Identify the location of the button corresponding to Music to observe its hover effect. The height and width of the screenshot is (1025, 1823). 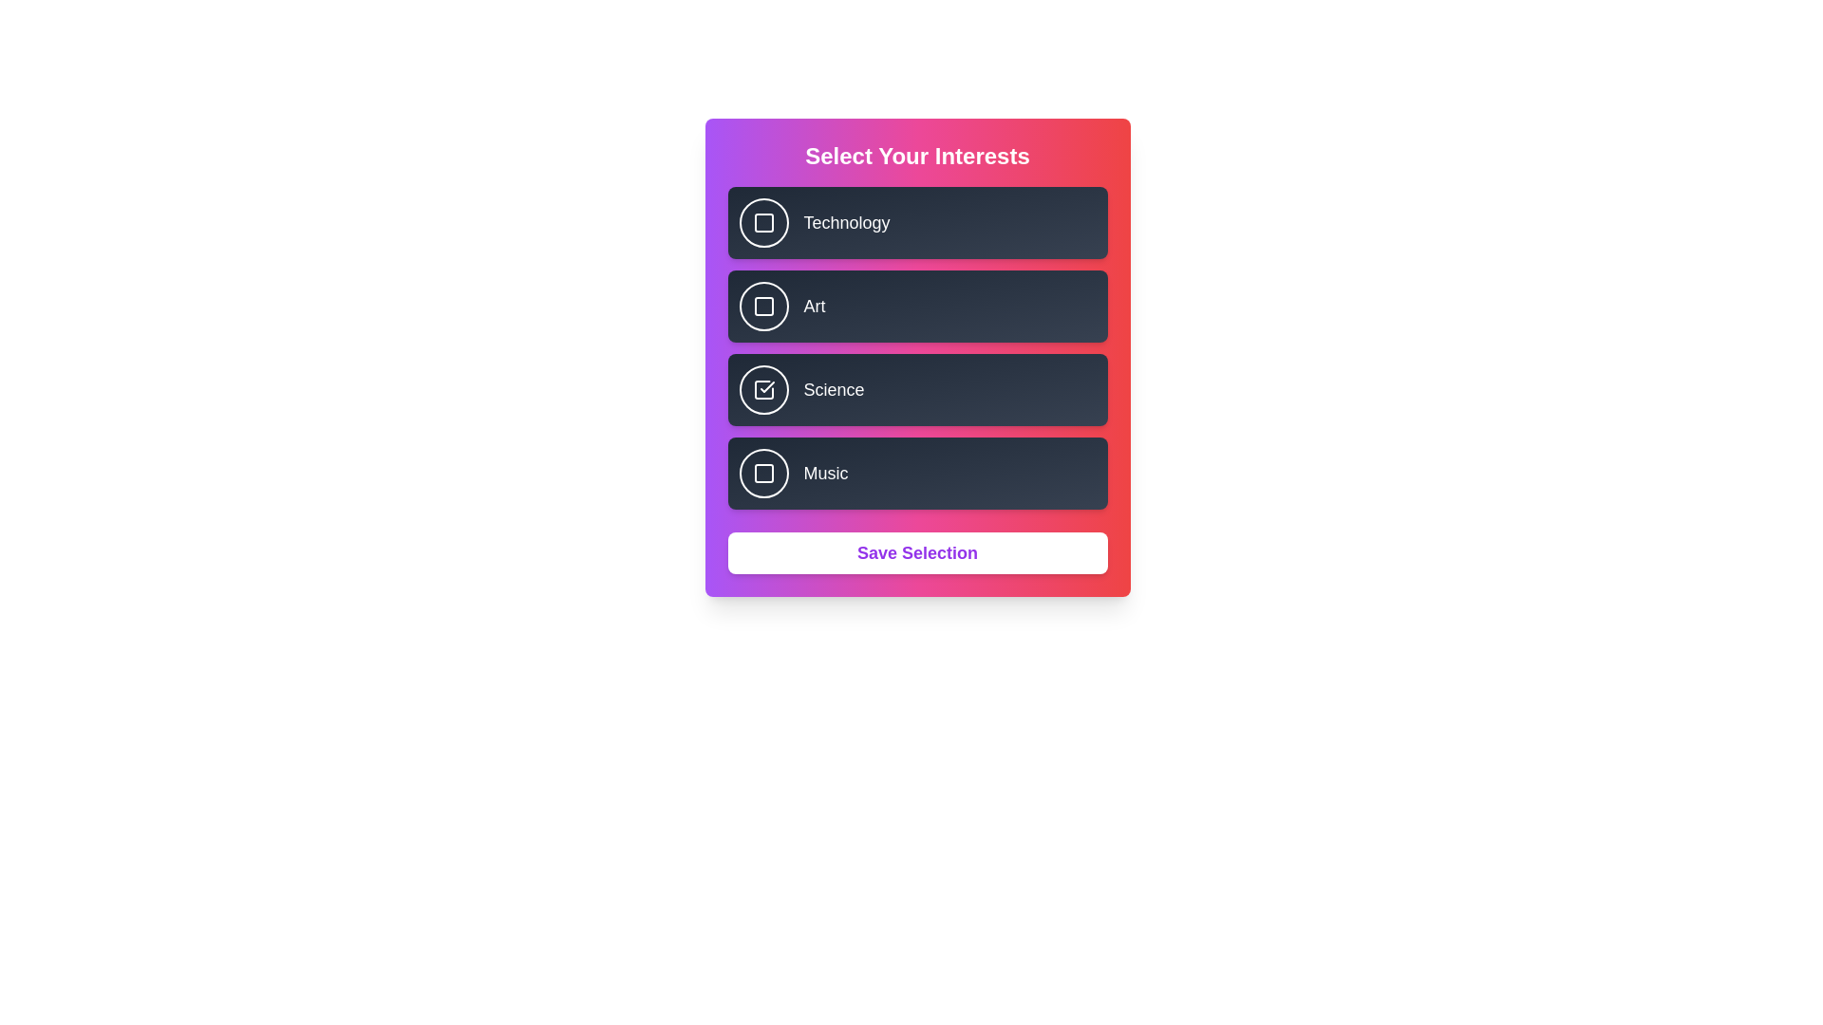
(763, 472).